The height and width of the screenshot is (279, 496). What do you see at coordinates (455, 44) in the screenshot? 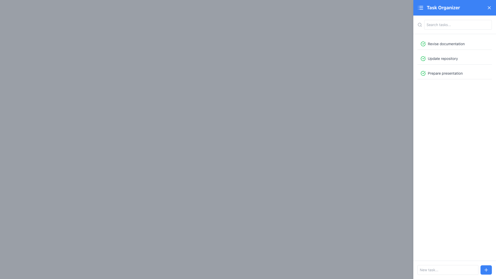
I see `task description of the first item in the vertical list, which is labeled 'Revise documentation' and includes a green checkmark icon indicating completion` at bounding box center [455, 44].